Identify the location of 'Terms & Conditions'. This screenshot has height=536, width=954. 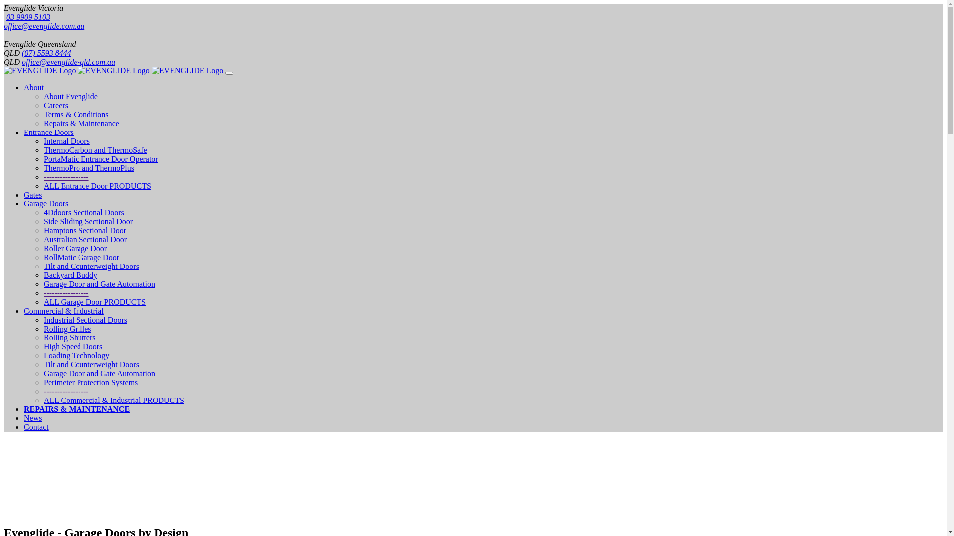
(76, 114).